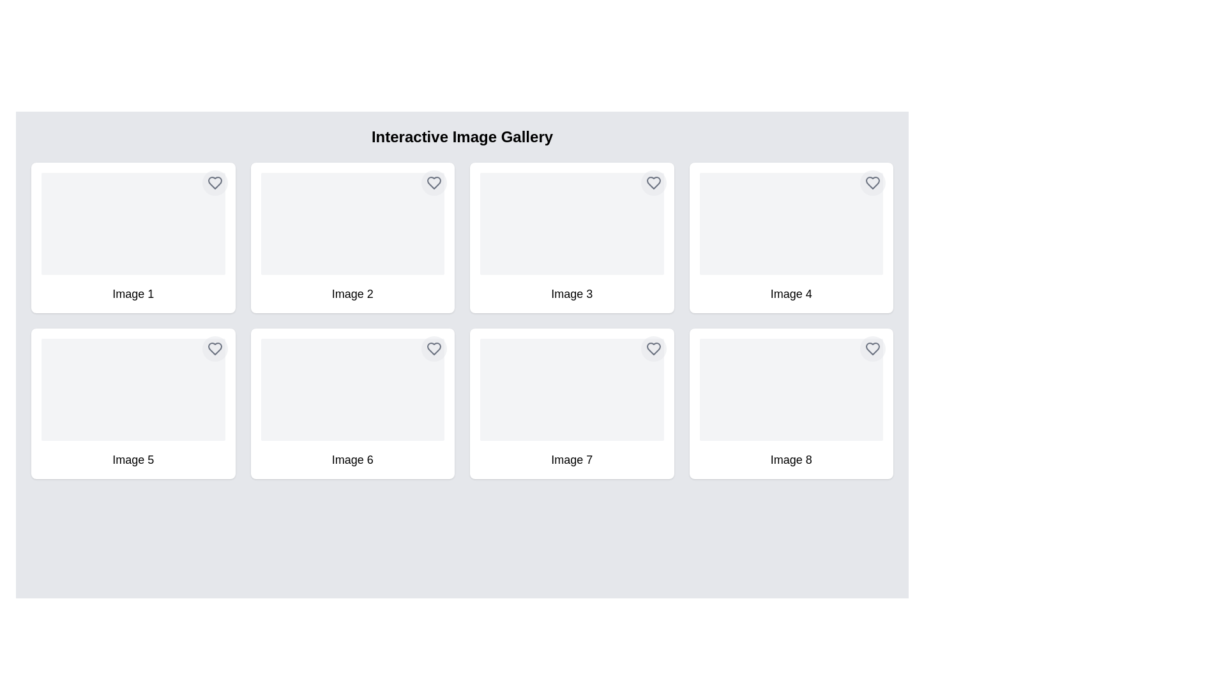  What do you see at coordinates (352, 238) in the screenshot?
I see `keyboard navigation` at bounding box center [352, 238].